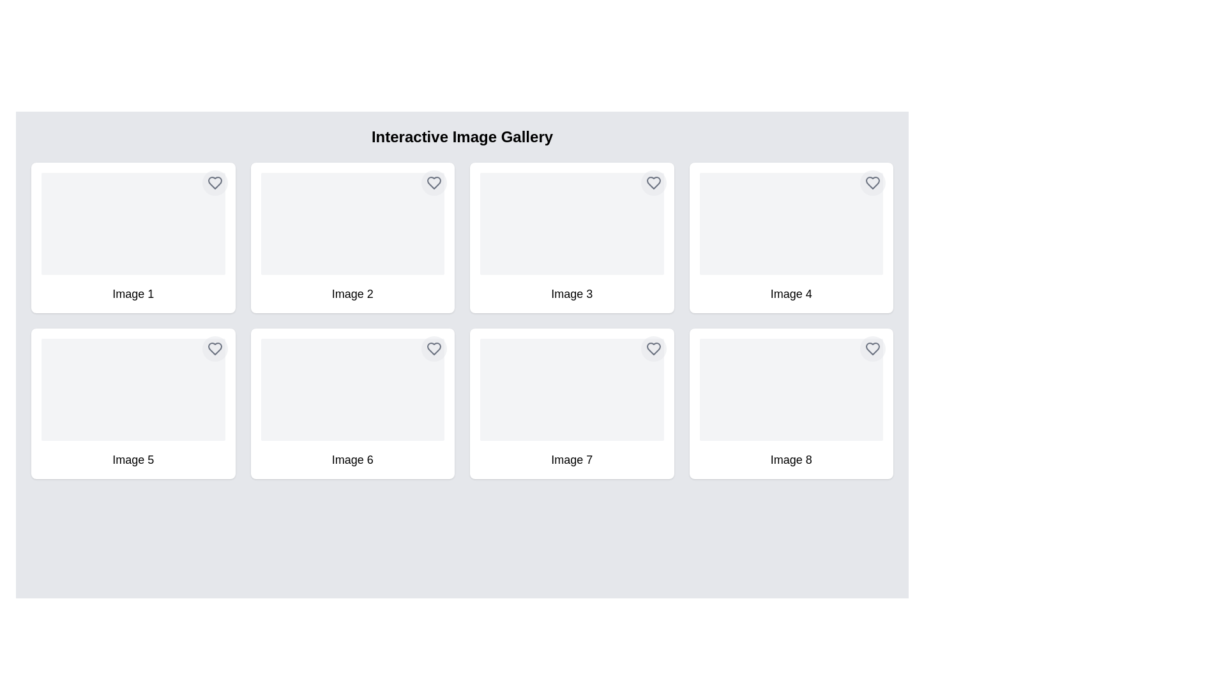  What do you see at coordinates (352, 238) in the screenshot?
I see `keyboard navigation` at bounding box center [352, 238].